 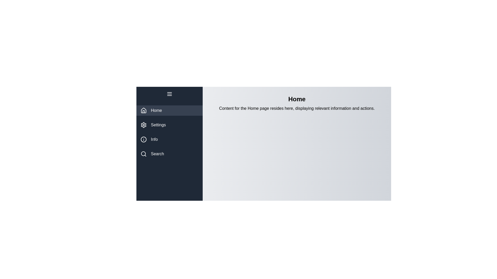 What do you see at coordinates (169, 125) in the screenshot?
I see `the menu item Settings to observe the hover effect` at bounding box center [169, 125].